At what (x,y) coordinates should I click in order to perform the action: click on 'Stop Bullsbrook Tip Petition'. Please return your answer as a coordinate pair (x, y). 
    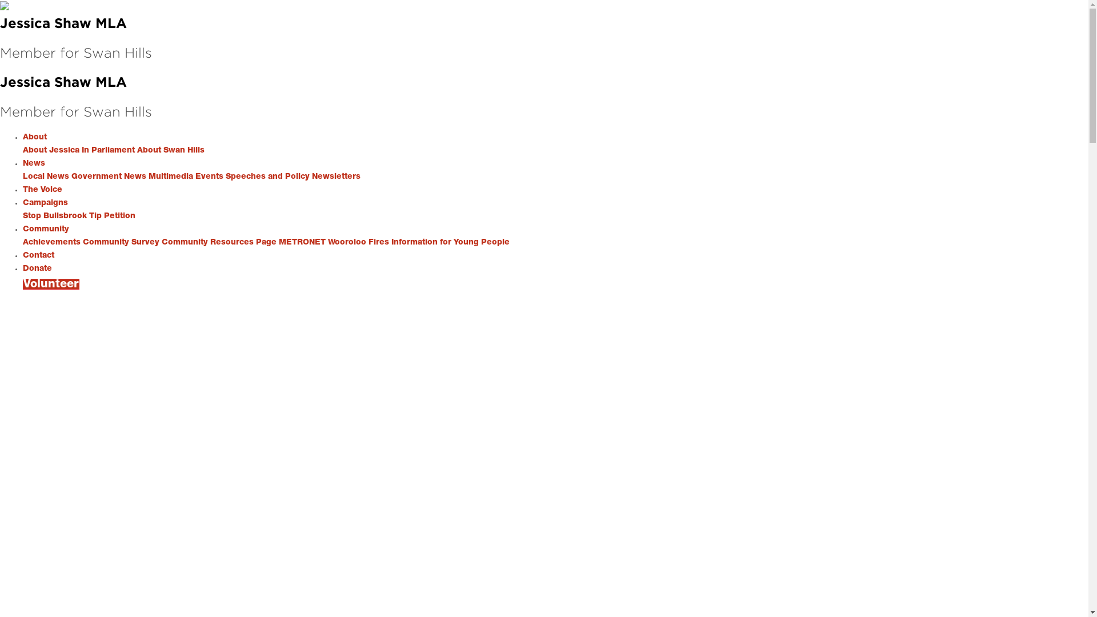
    Looking at the image, I should click on (78, 216).